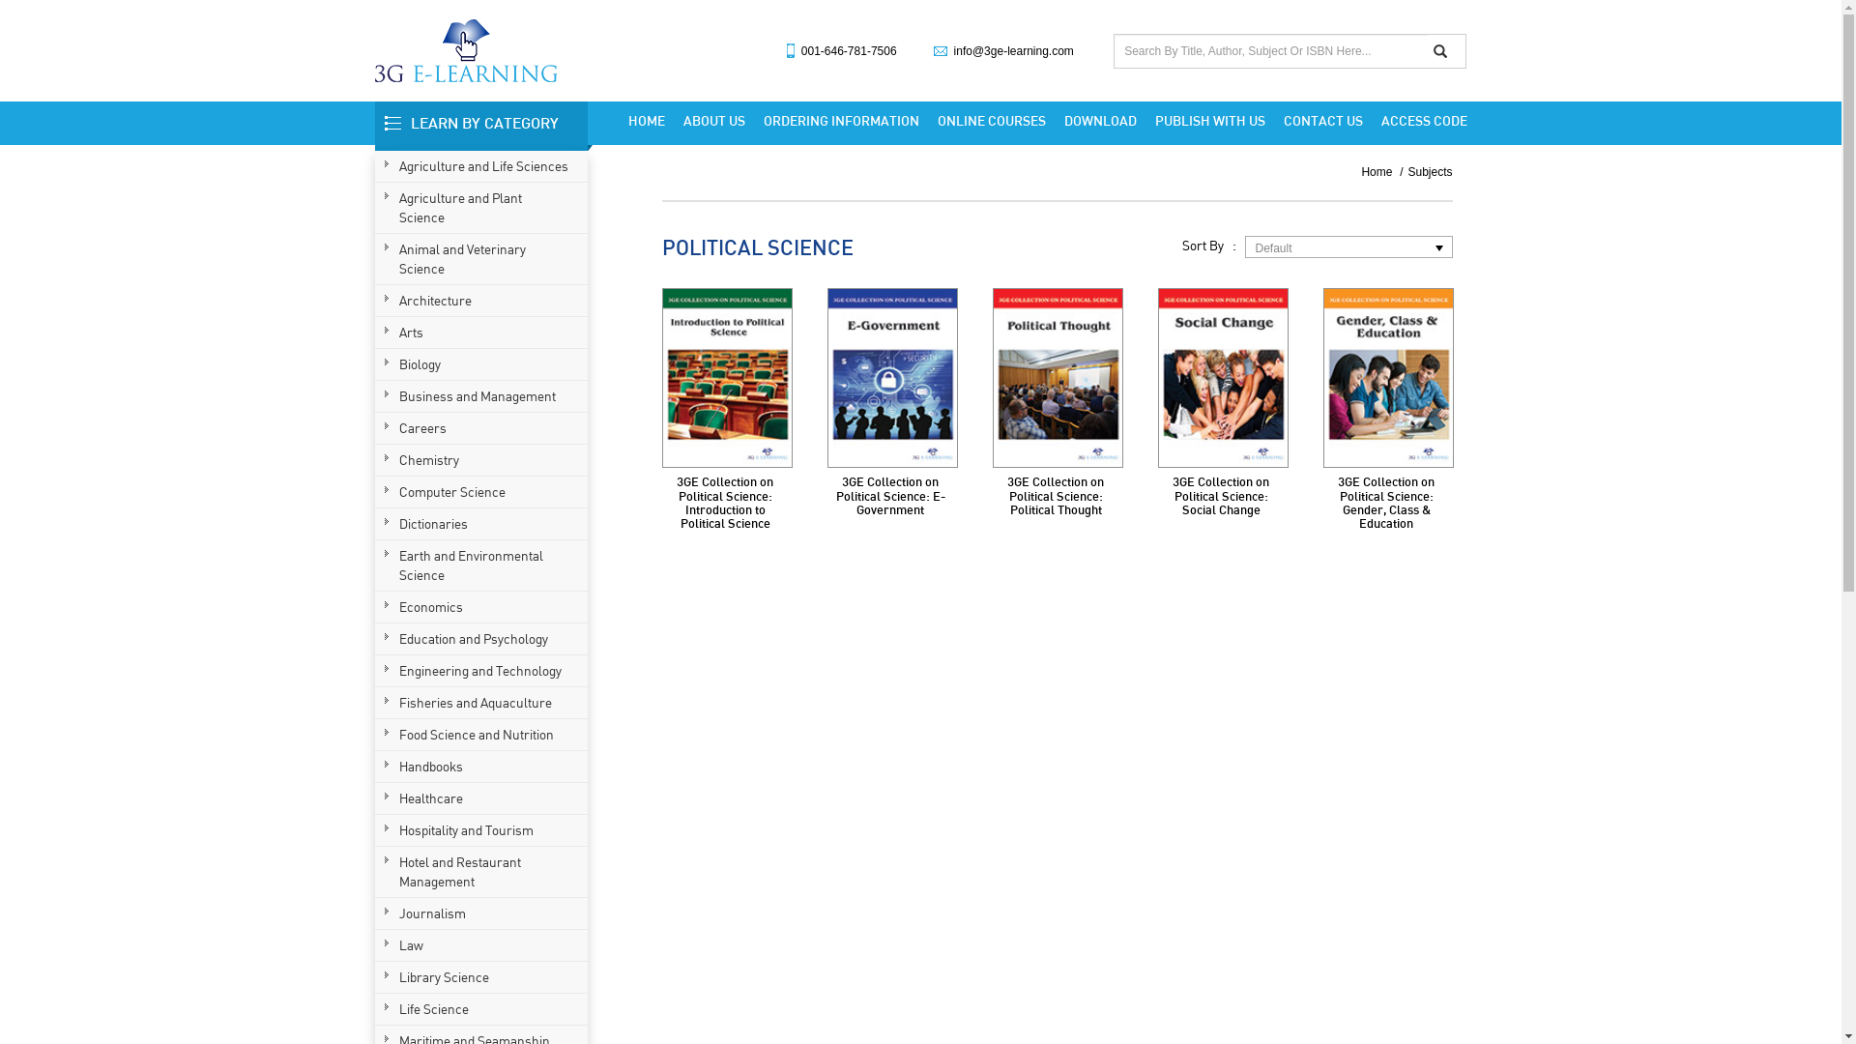  What do you see at coordinates (482, 638) in the screenshot?
I see `'Education and Psychology'` at bounding box center [482, 638].